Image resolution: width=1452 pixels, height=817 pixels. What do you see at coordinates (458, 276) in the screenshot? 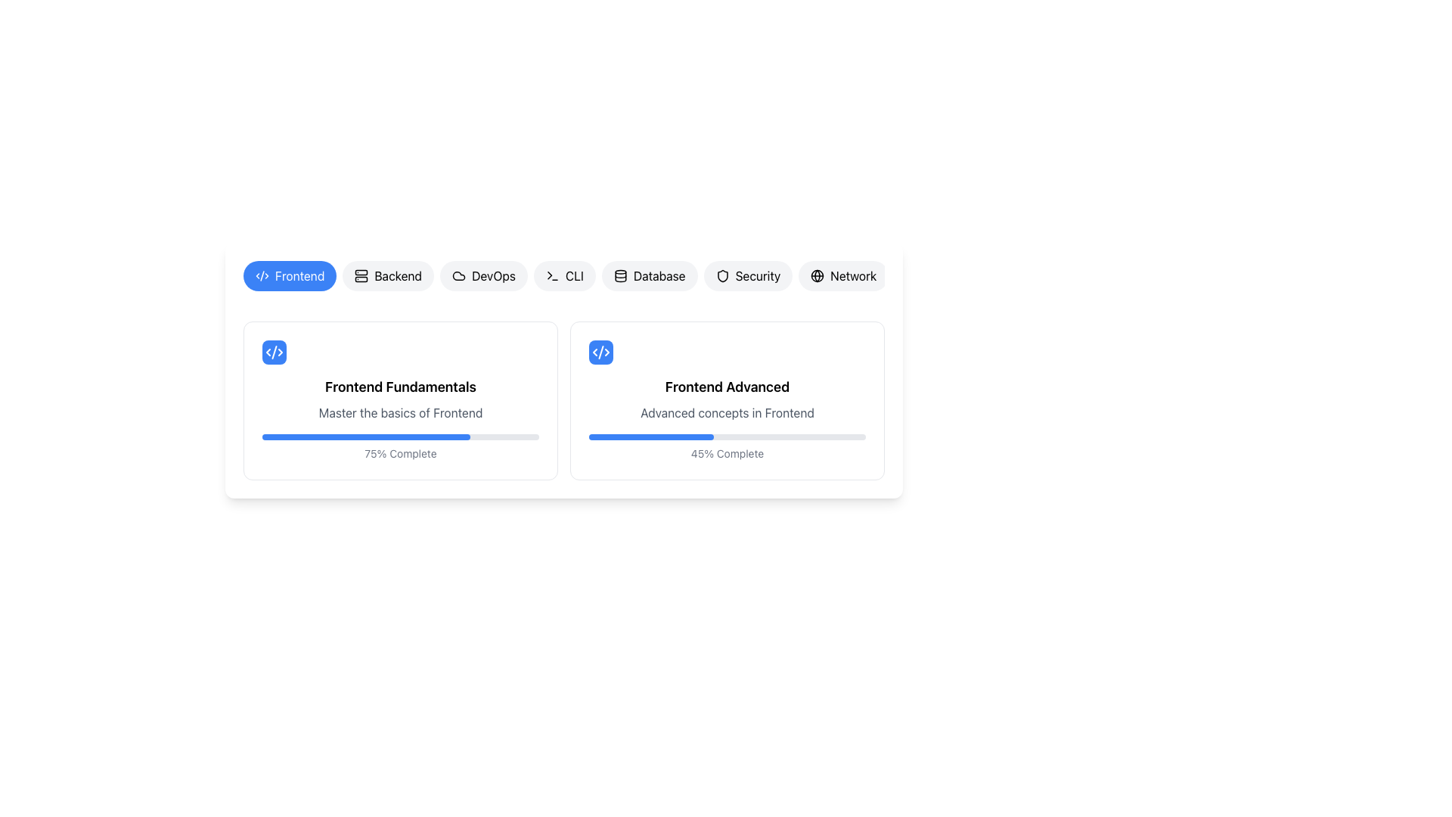
I see `the cloud icon, which is the second icon from the left in the group of horizontally aligned icons in the upper section of the interface` at bounding box center [458, 276].